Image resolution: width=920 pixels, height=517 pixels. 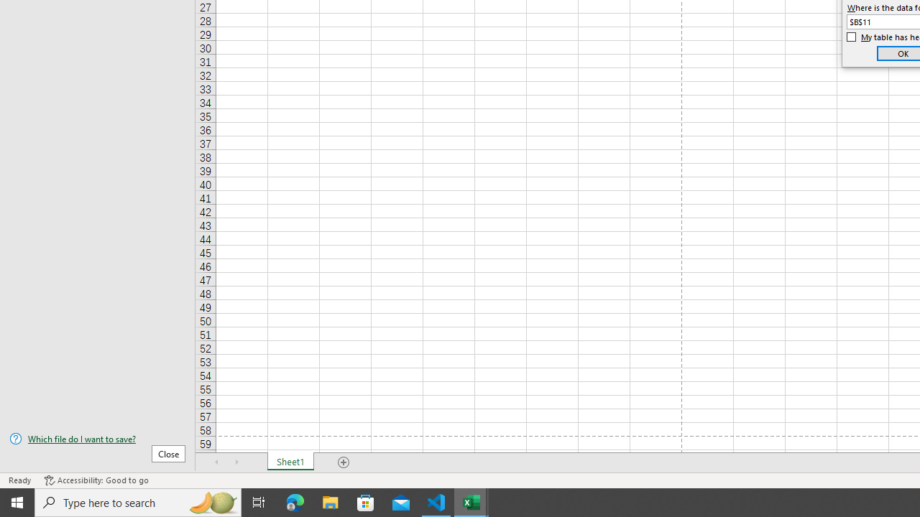 I want to click on 'Sheet1', so click(x=290, y=462).